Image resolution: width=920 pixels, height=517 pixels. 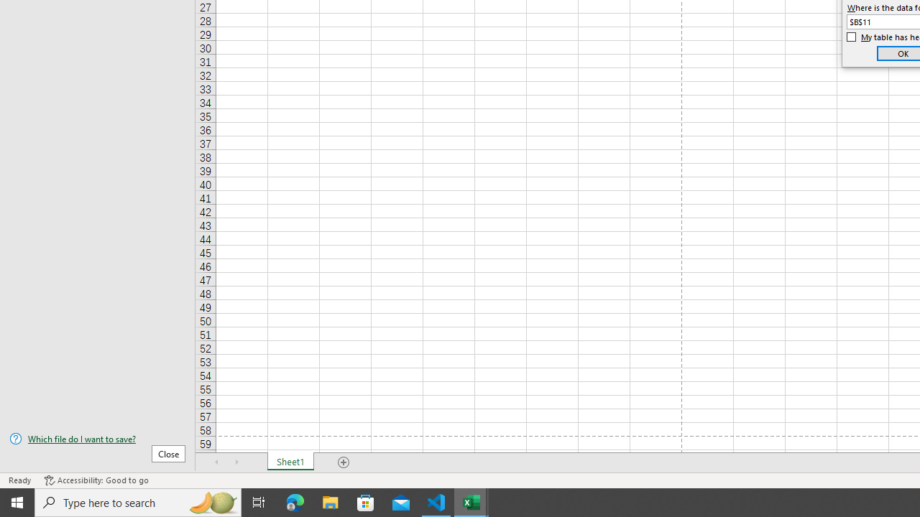 I want to click on 'Sheet1', so click(x=290, y=462).